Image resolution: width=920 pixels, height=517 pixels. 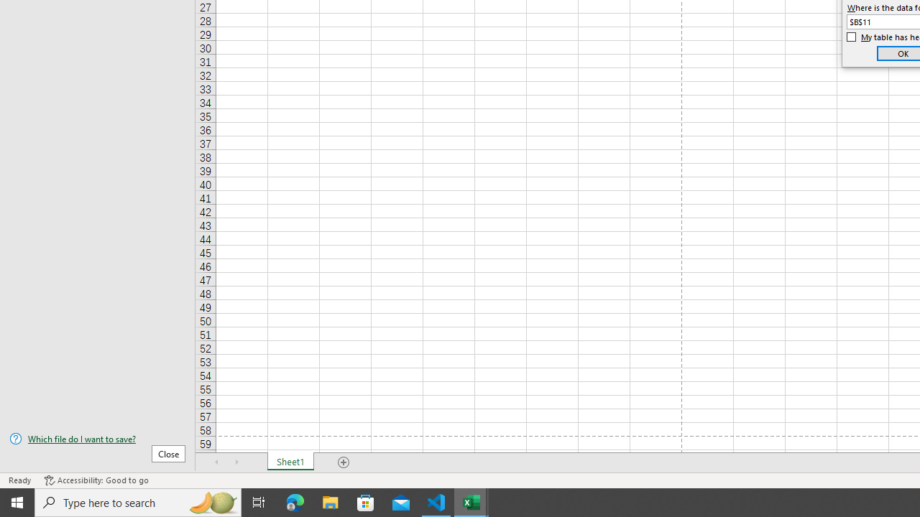 I want to click on 'Sheet1', so click(x=290, y=462).